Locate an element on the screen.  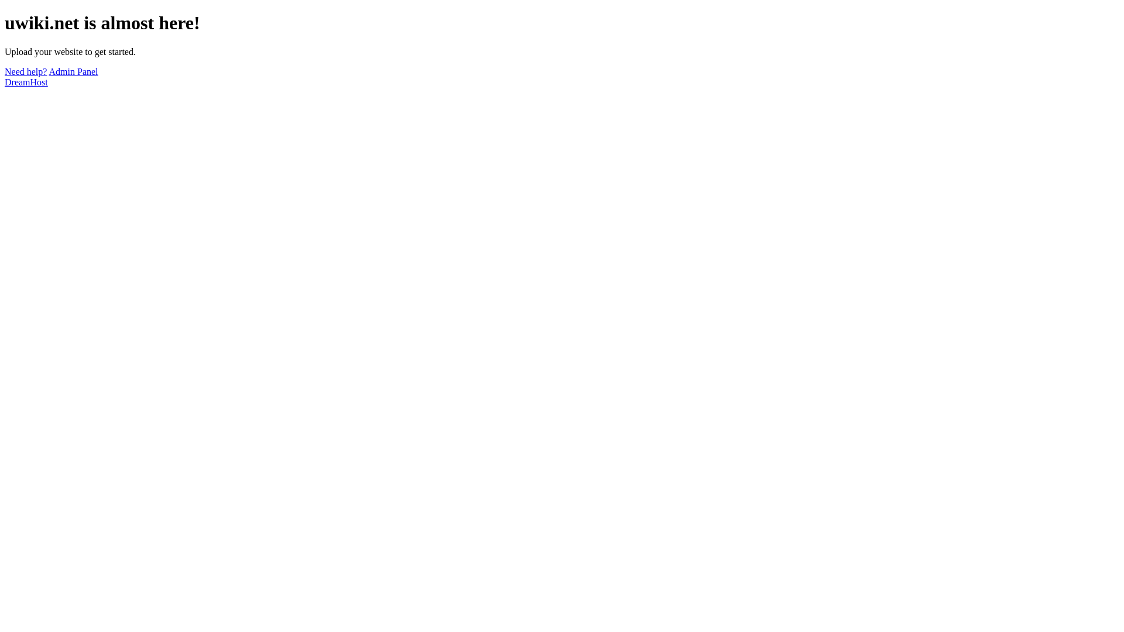
'Need help?' is located at coordinates (25, 71).